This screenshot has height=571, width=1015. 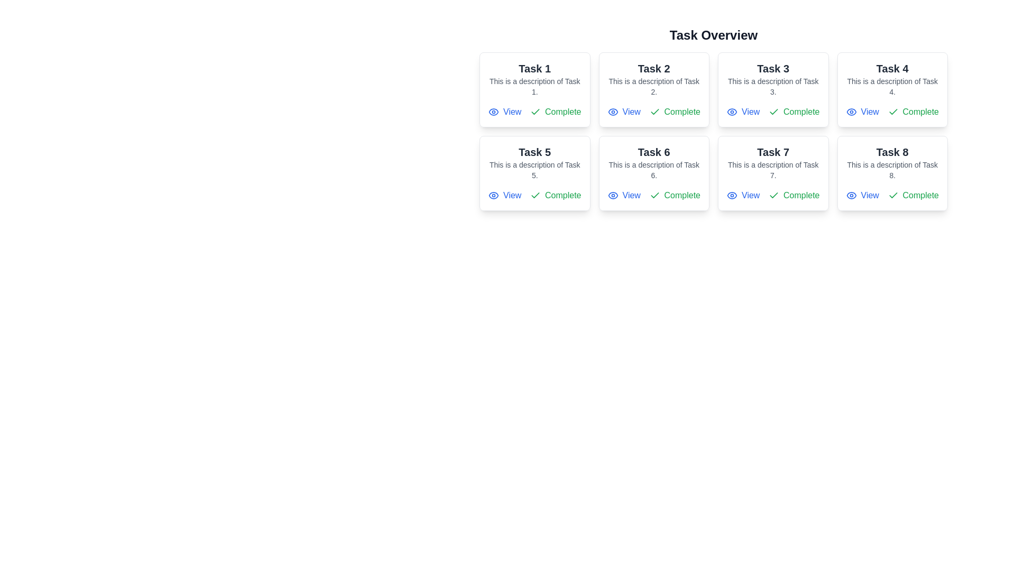 I want to click on the button with a text label and icon at the bottom right corner of the 'Task 8' card to mark the task as complete, so click(x=912, y=196).